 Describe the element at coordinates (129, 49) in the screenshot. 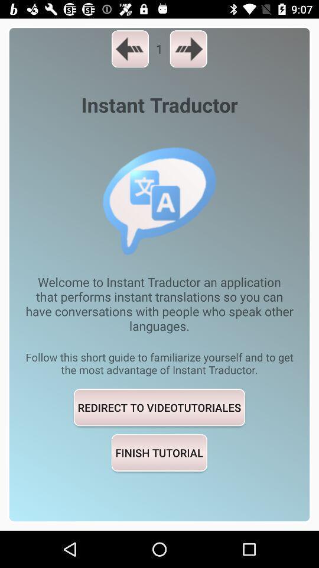

I see `the icon above the instant traductor item` at that location.